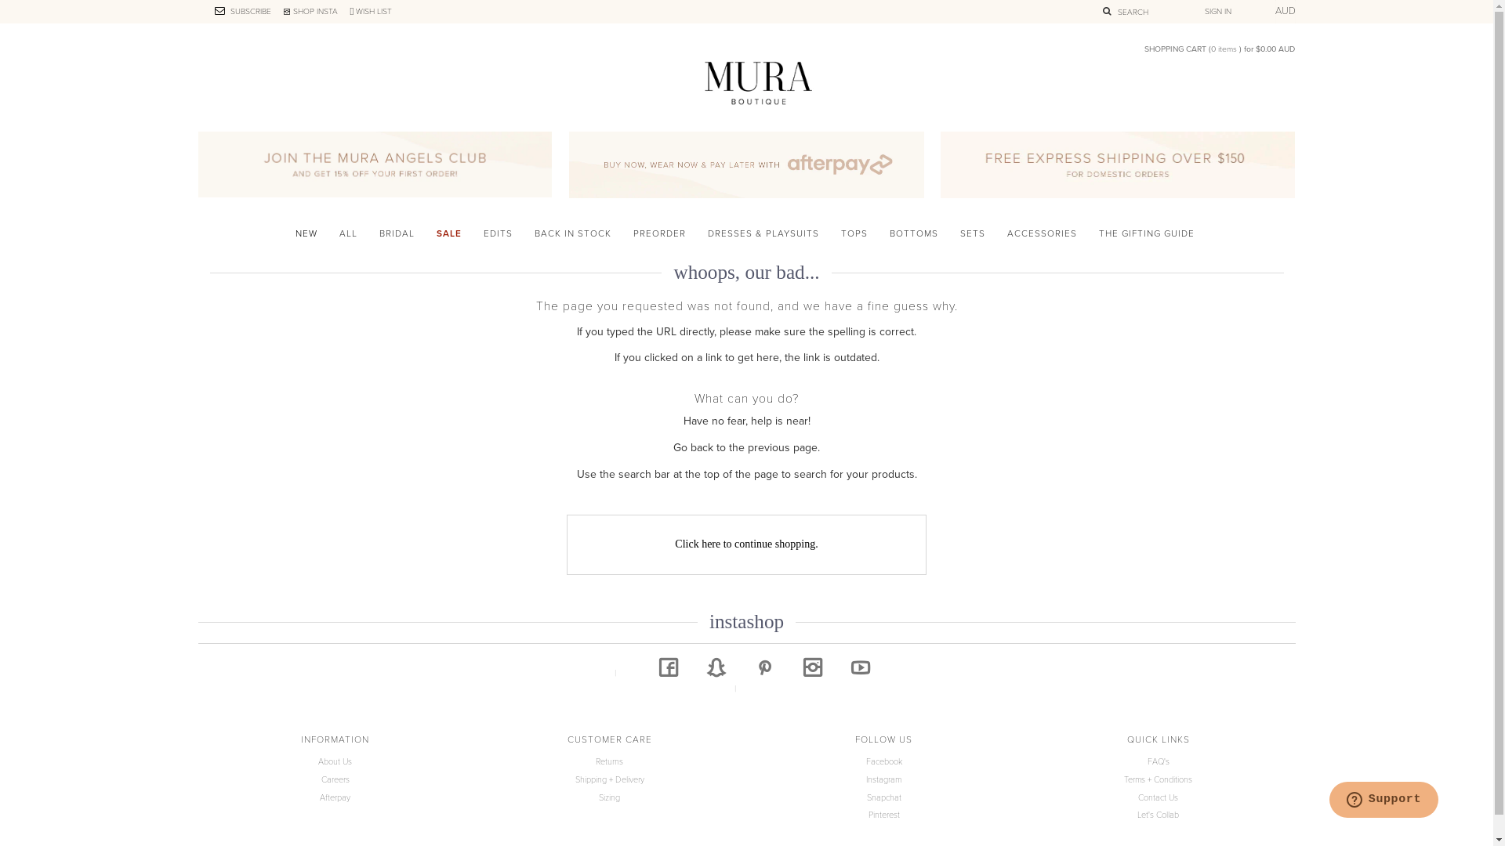  Describe the element at coordinates (608, 779) in the screenshot. I see `'Shipping + Delivery'` at that location.